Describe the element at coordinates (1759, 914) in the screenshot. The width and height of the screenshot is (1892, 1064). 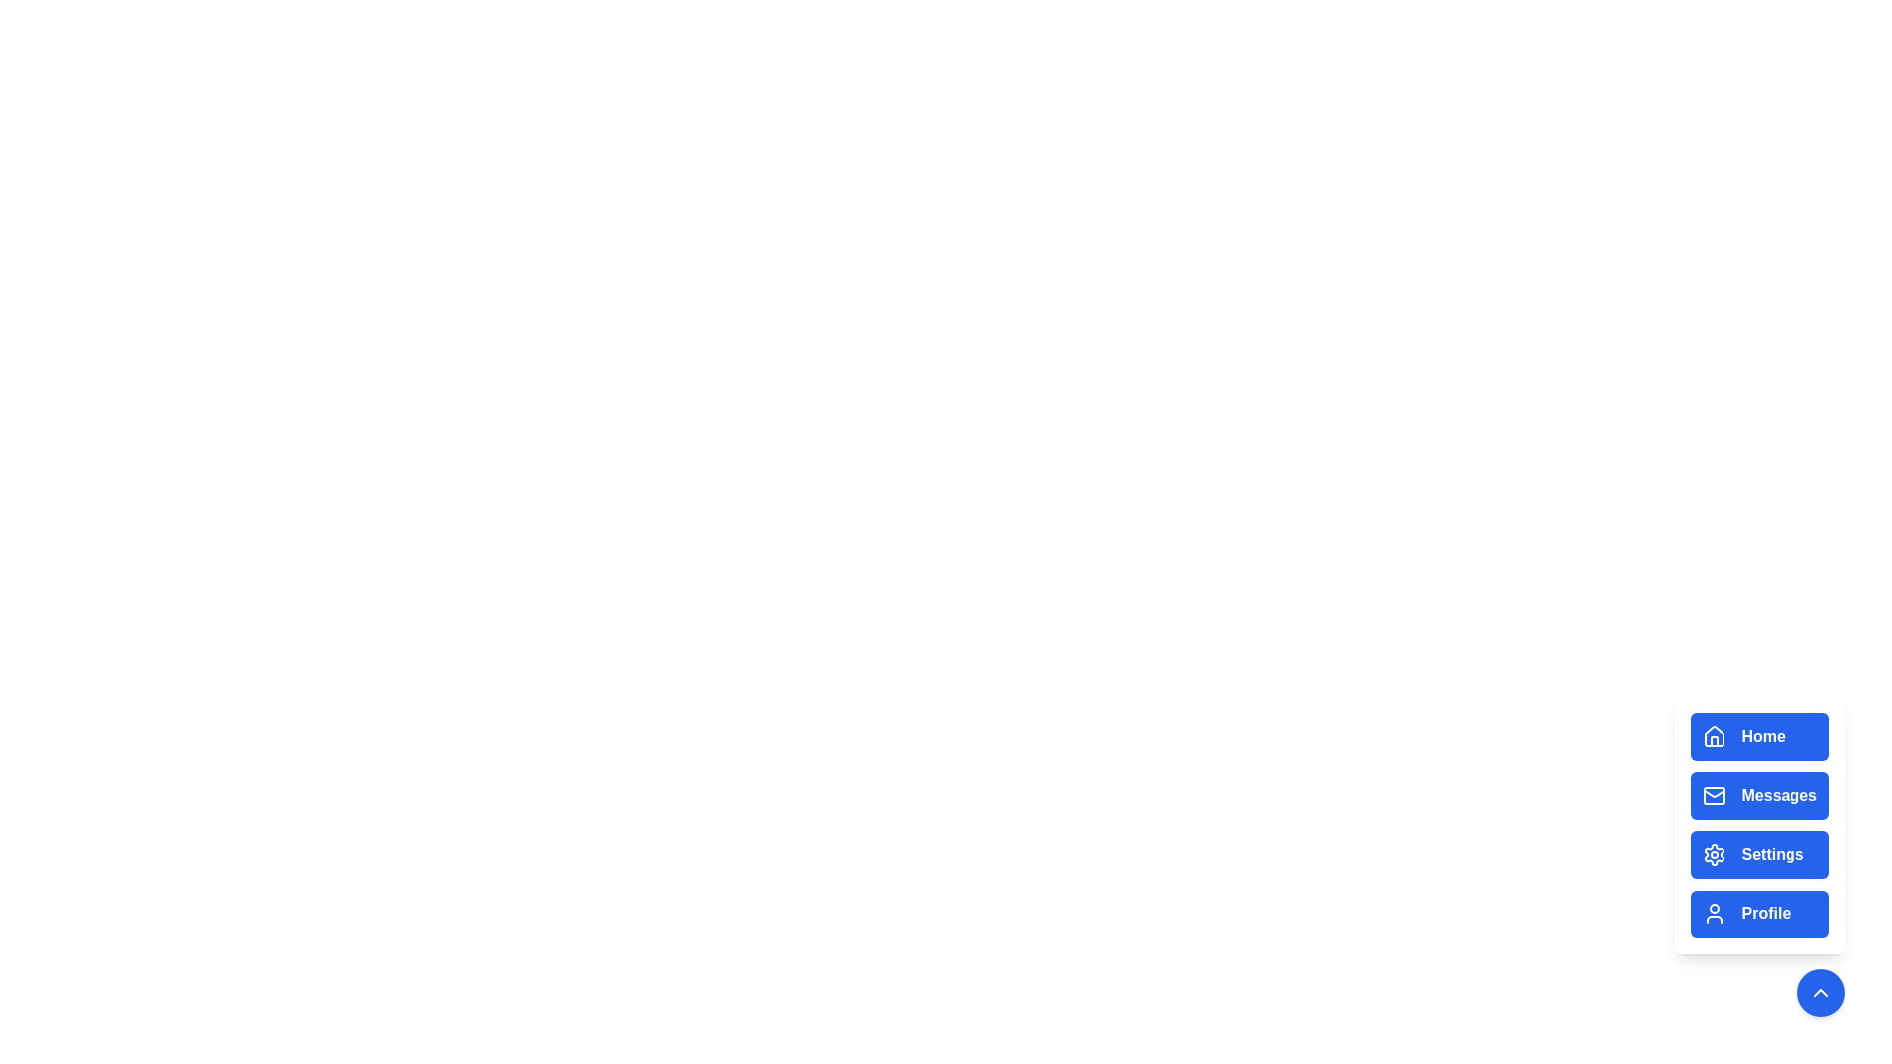
I see `the Profile button in the menu` at that location.